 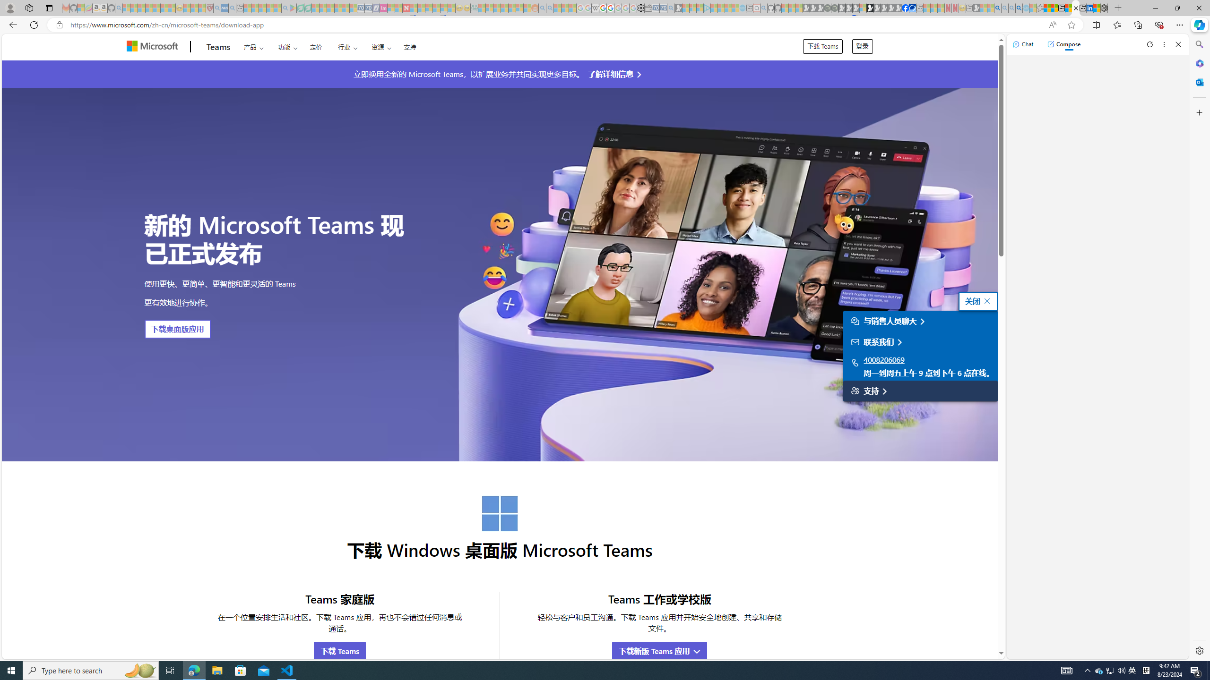 What do you see at coordinates (405, 8) in the screenshot?
I see `'Latest Politics News & Archive | Newsweek.com - Sleeping'` at bounding box center [405, 8].